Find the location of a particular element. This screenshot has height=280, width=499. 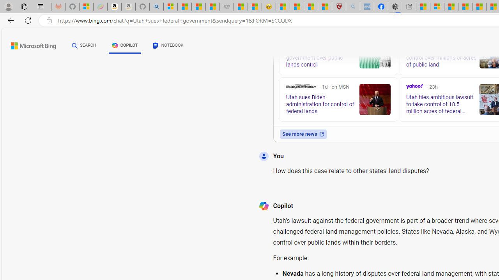

'Yahoo' is located at coordinates (414, 86).